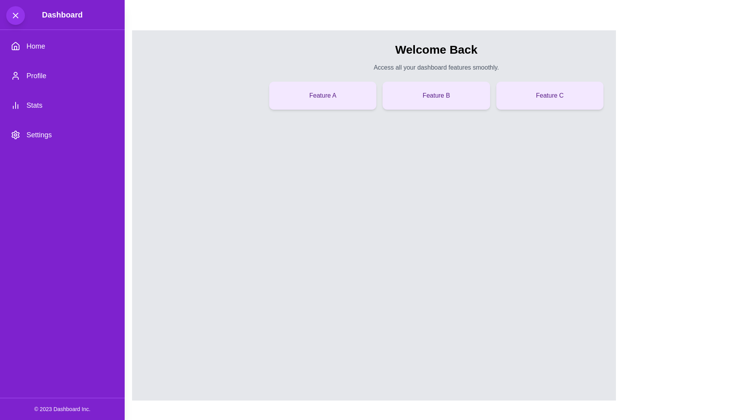 This screenshot has width=748, height=420. Describe the element at coordinates (15, 135) in the screenshot. I see `the gear icon representing the settings option located in the 'Settings' section of the side navigation panel` at that location.